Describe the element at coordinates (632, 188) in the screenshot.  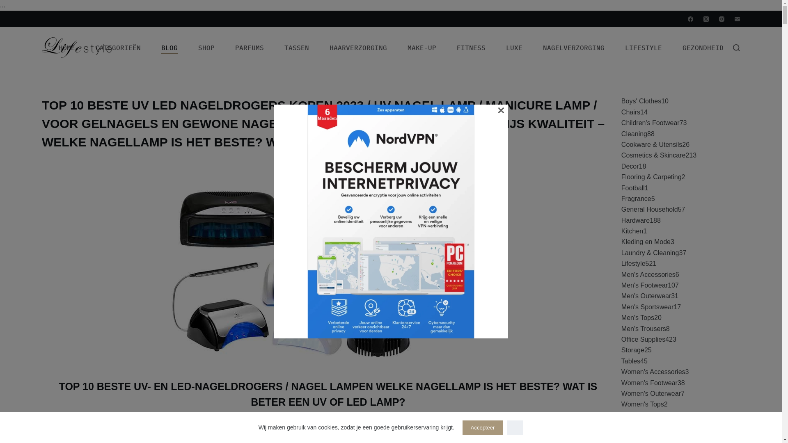
I see `'Football'` at that location.